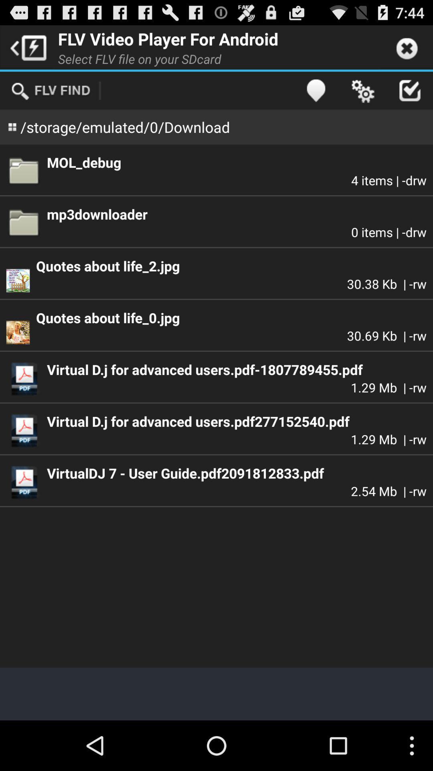  What do you see at coordinates (236, 162) in the screenshot?
I see `the app below storage emulated 0 app` at bounding box center [236, 162].